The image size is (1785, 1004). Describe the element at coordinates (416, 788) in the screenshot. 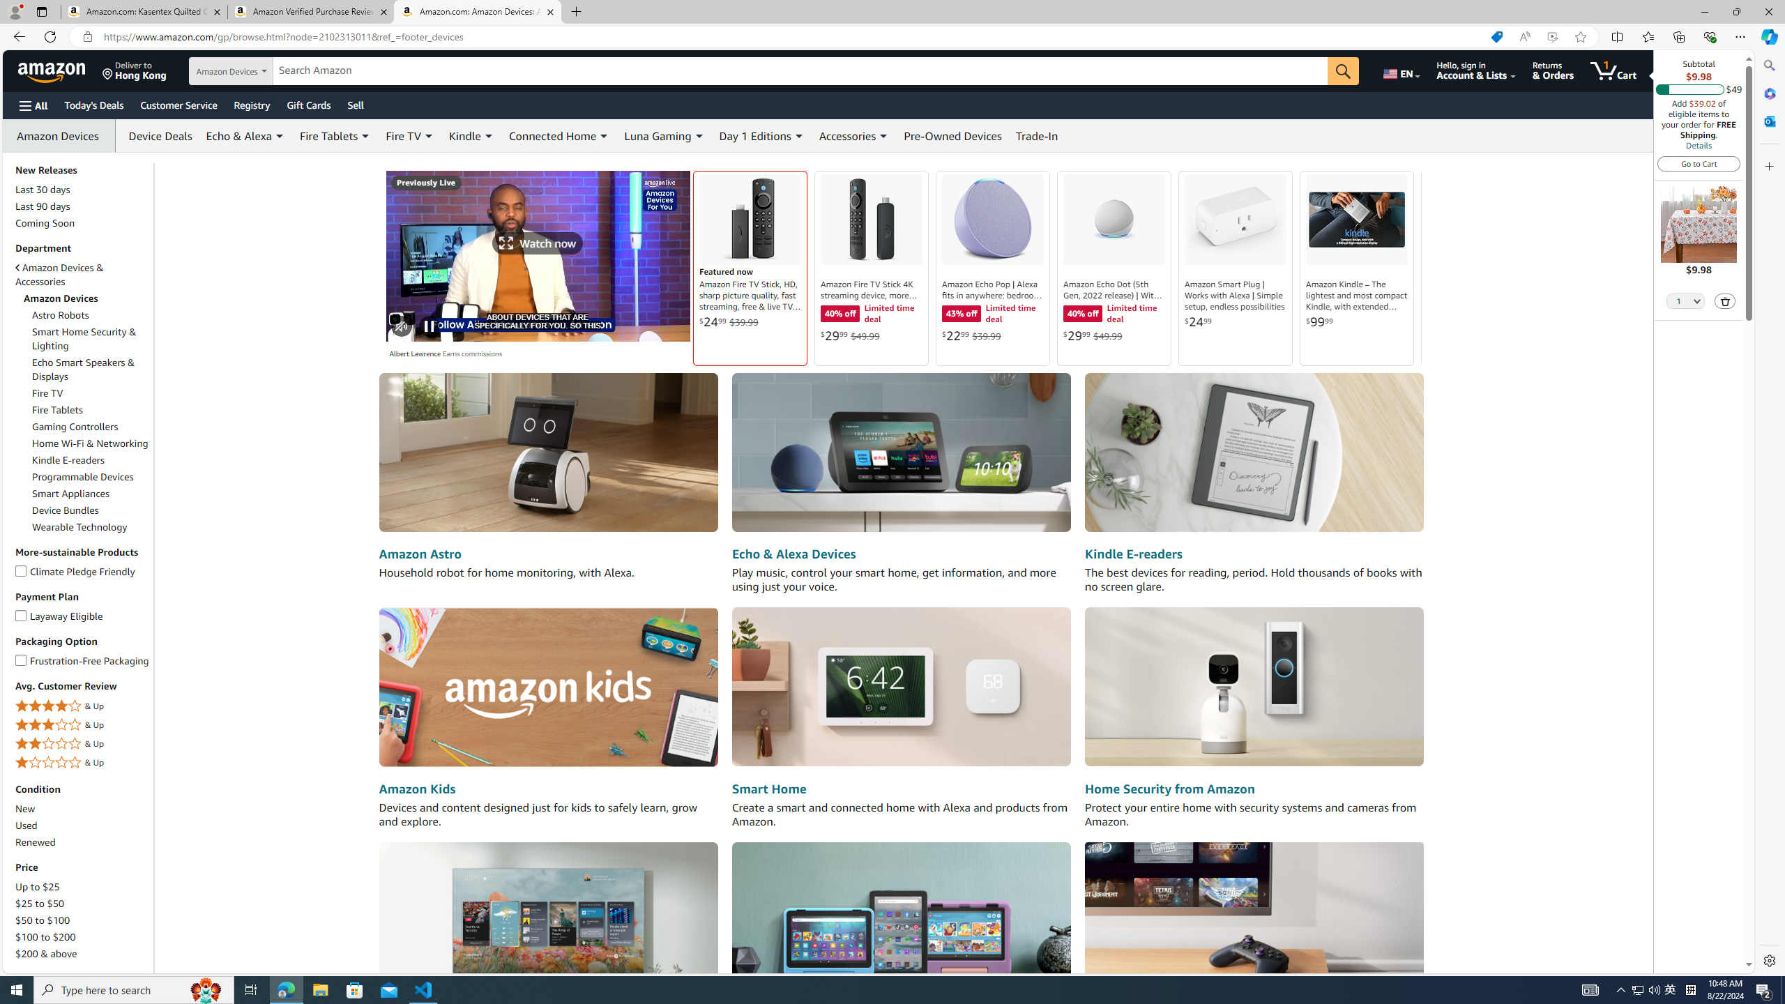

I see `'Amazon Kids'` at that location.